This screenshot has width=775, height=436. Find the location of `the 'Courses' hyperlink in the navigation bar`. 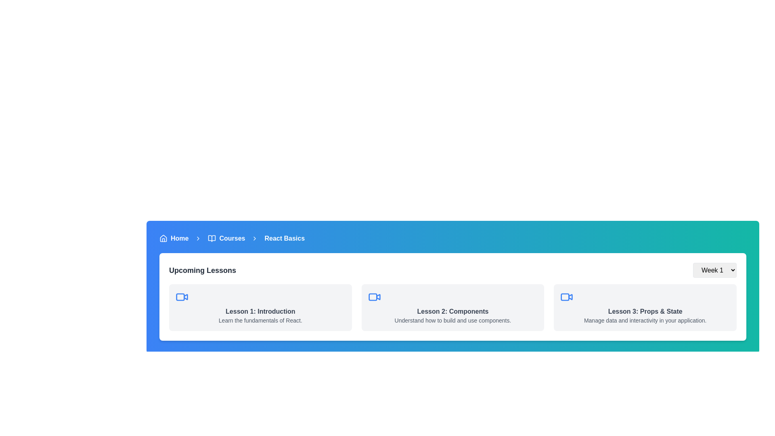

the 'Courses' hyperlink in the navigation bar is located at coordinates (232, 238).